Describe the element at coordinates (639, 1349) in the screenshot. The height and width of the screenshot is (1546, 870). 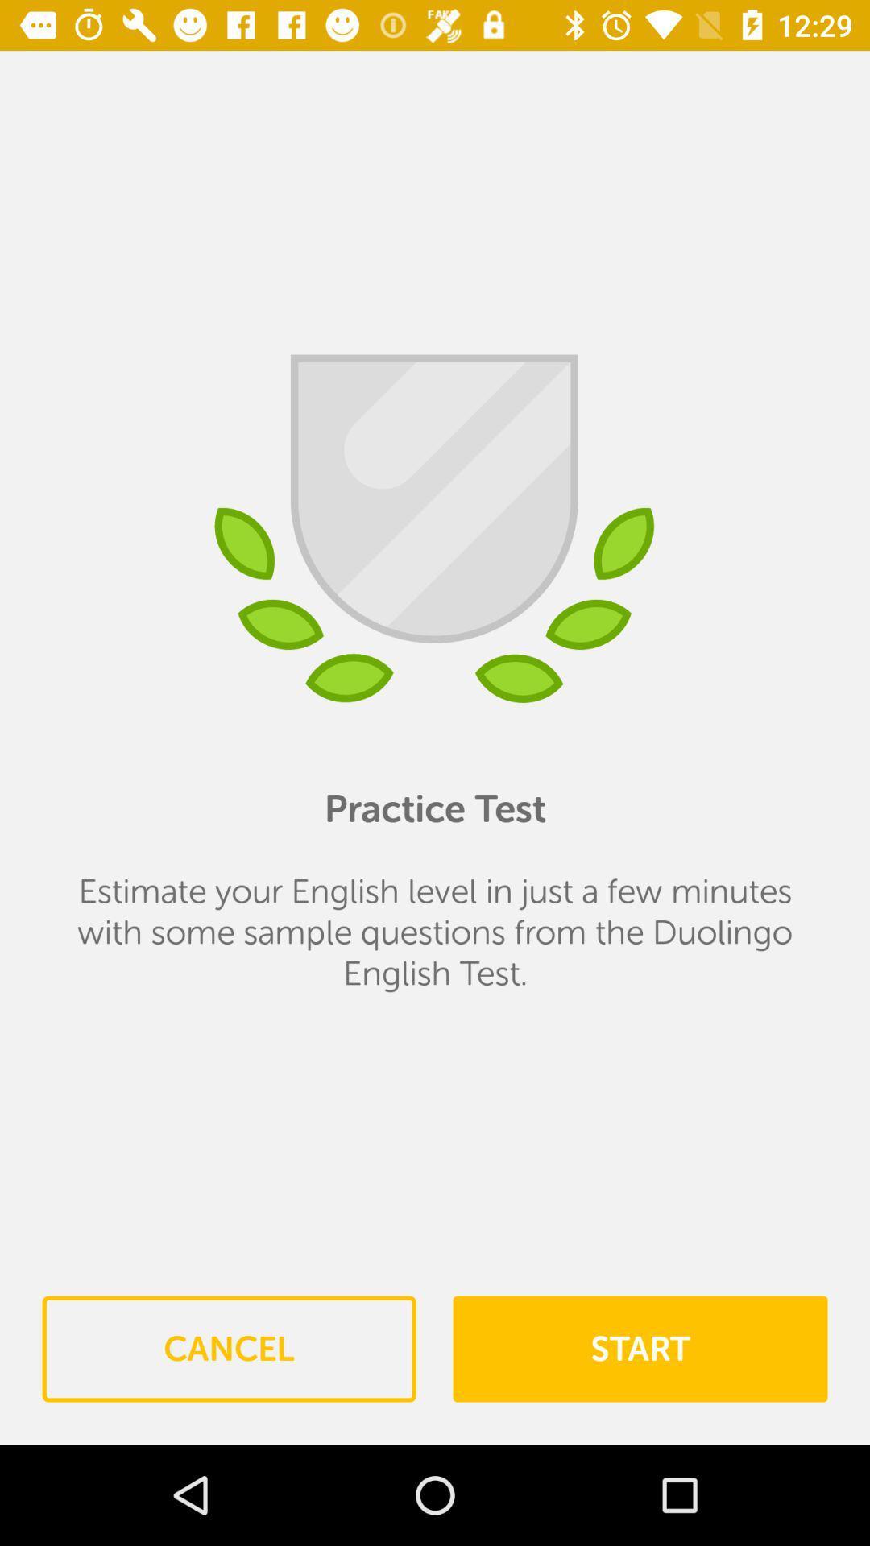
I see `the start` at that location.